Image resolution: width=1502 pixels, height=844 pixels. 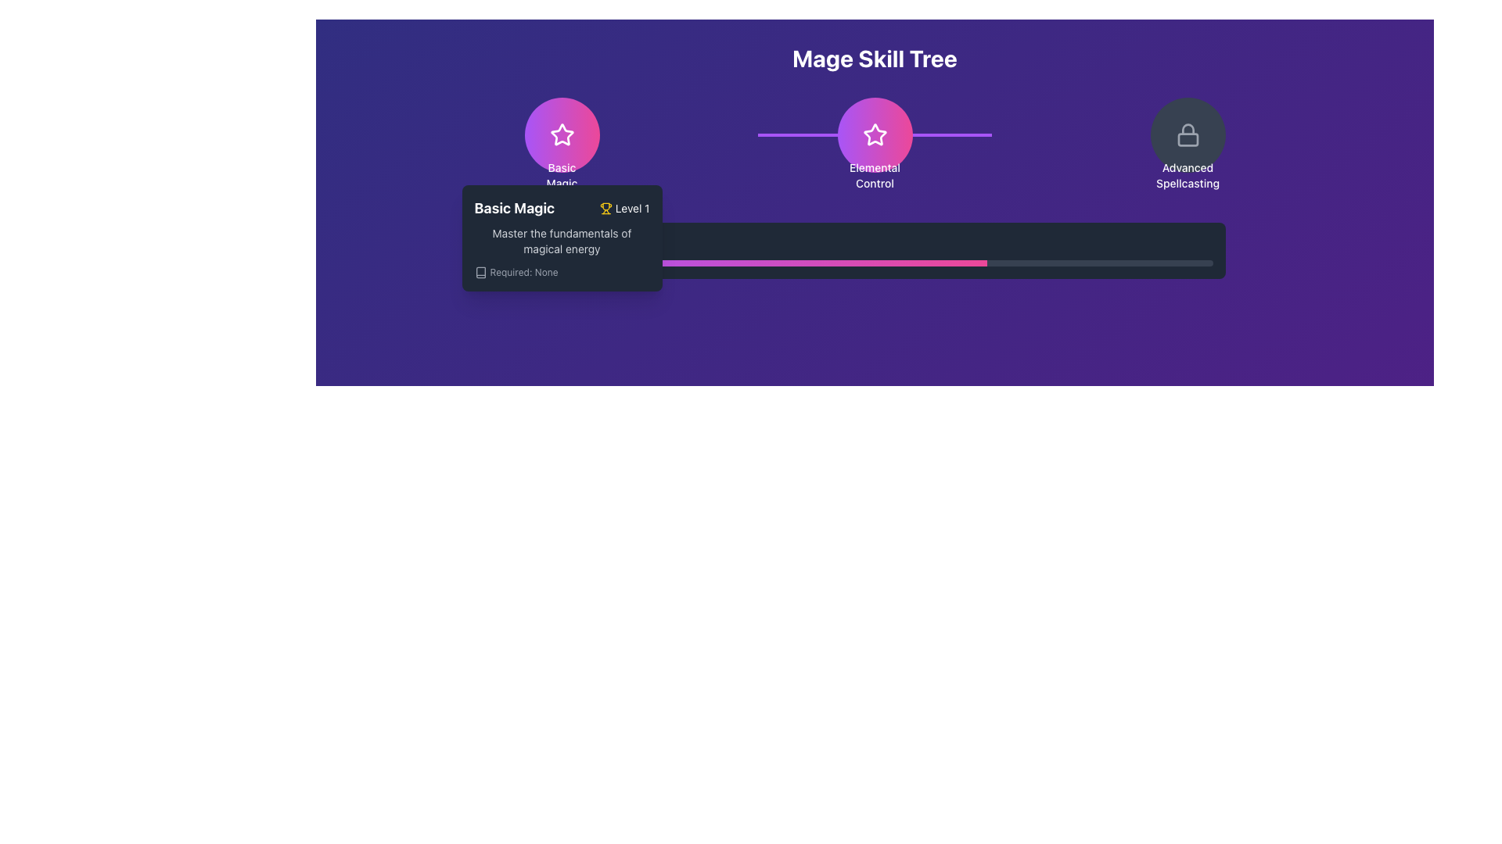 I want to click on the star-shaped icon with a gradient color and white border in the 'Basic Magic' node of the Mage Skill Tree, so click(x=562, y=134).